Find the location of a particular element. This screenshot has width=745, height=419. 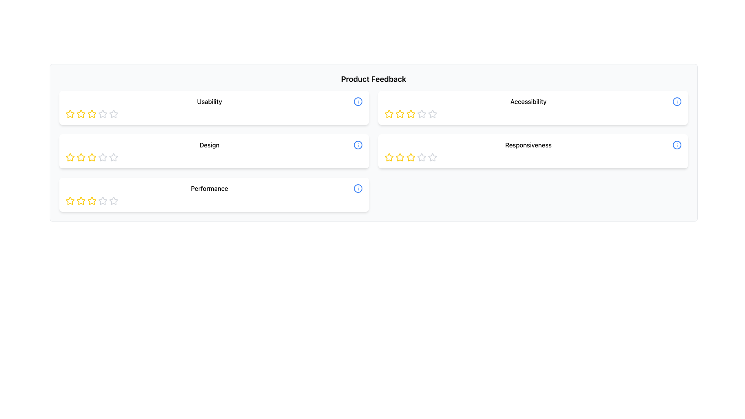

the second star icon in the rating system under the 'Design' category to rate it is located at coordinates (92, 157).